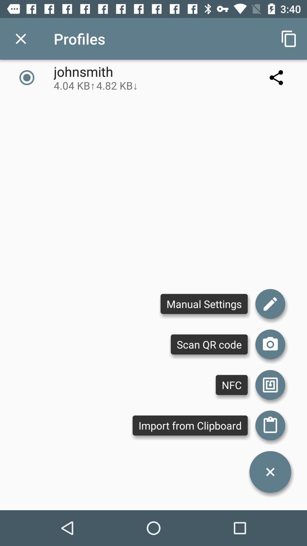 This screenshot has width=307, height=546. I want to click on item next to manual settings, so click(270, 344).